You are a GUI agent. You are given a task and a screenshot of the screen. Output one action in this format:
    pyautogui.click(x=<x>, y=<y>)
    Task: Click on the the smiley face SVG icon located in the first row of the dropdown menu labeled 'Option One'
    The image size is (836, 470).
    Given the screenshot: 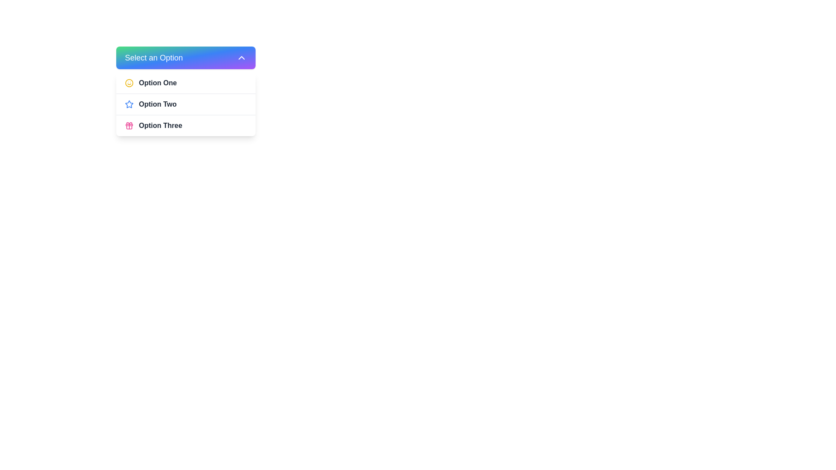 What is the action you would take?
    pyautogui.click(x=129, y=83)
    